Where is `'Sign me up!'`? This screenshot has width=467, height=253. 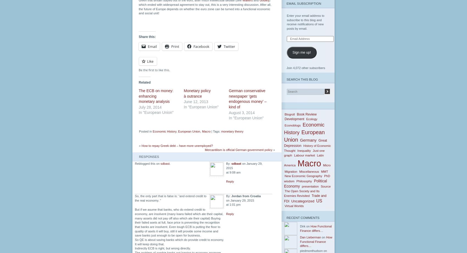 'Sign me up!' is located at coordinates (292, 52).